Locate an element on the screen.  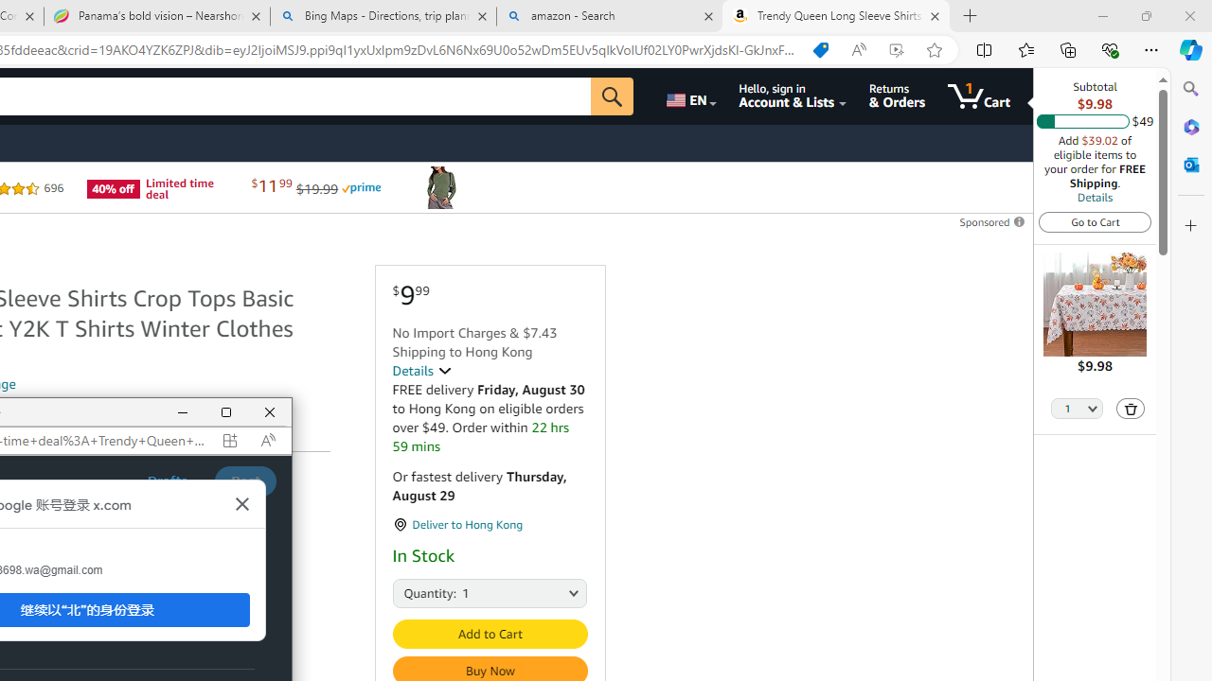
'Go to Cart' is located at coordinates (1095, 220).